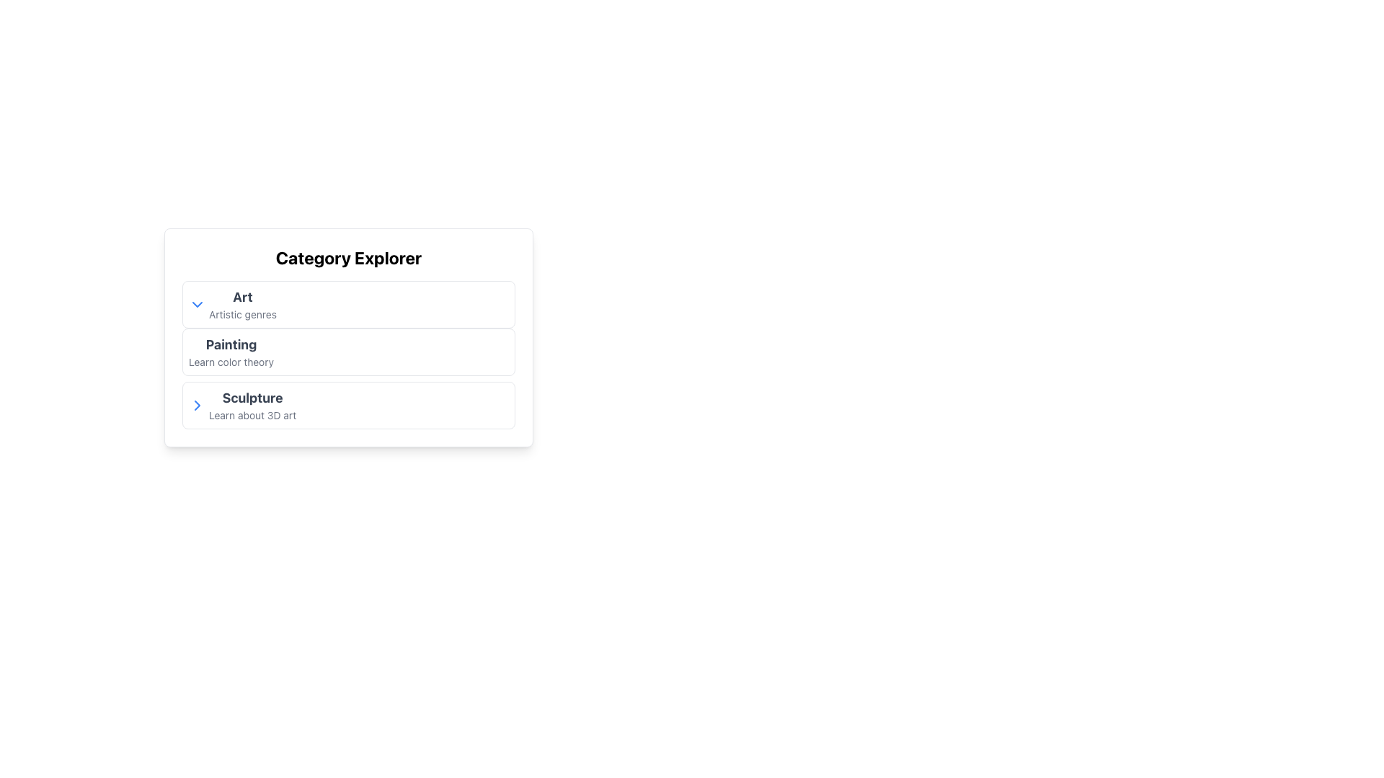  What do you see at coordinates (252, 416) in the screenshot?
I see `the text label that provides supplementary information for the 'Sculpture' category in the 'Category Explorer' panel, which is positioned directly below the title 'Sculpture'` at bounding box center [252, 416].